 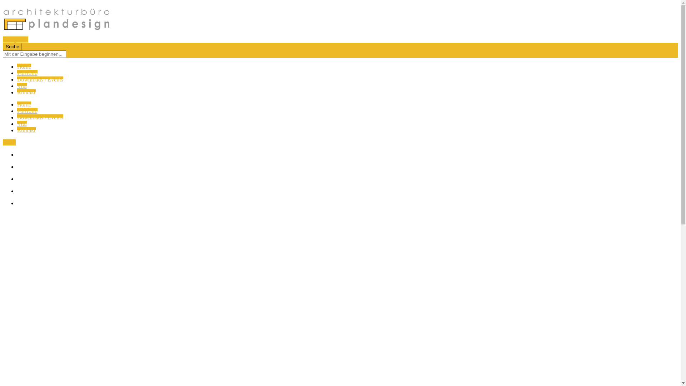 What do you see at coordinates (17, 79) in the screenshot?
I see `'Downloads / Events'` at bounding box center [17, 79].